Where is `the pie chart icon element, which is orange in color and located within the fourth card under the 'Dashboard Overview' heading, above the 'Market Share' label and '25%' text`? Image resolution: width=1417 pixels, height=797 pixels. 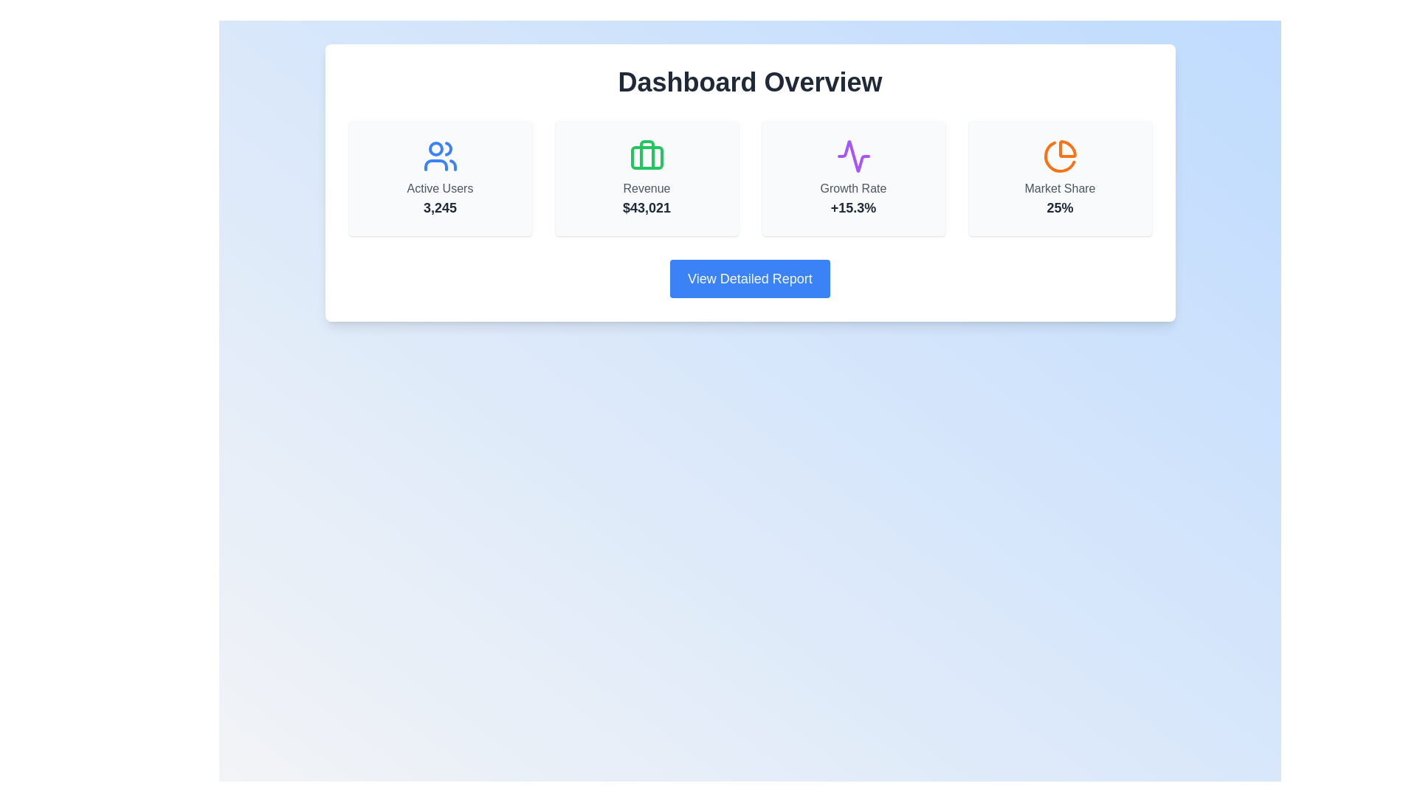 the pie chart icon element, which is orange in color and located within the fourth card under the 'Dashboard Overview' heading, above the 'Market Share' label and '25%' text is located at coordinates (1059, 156).